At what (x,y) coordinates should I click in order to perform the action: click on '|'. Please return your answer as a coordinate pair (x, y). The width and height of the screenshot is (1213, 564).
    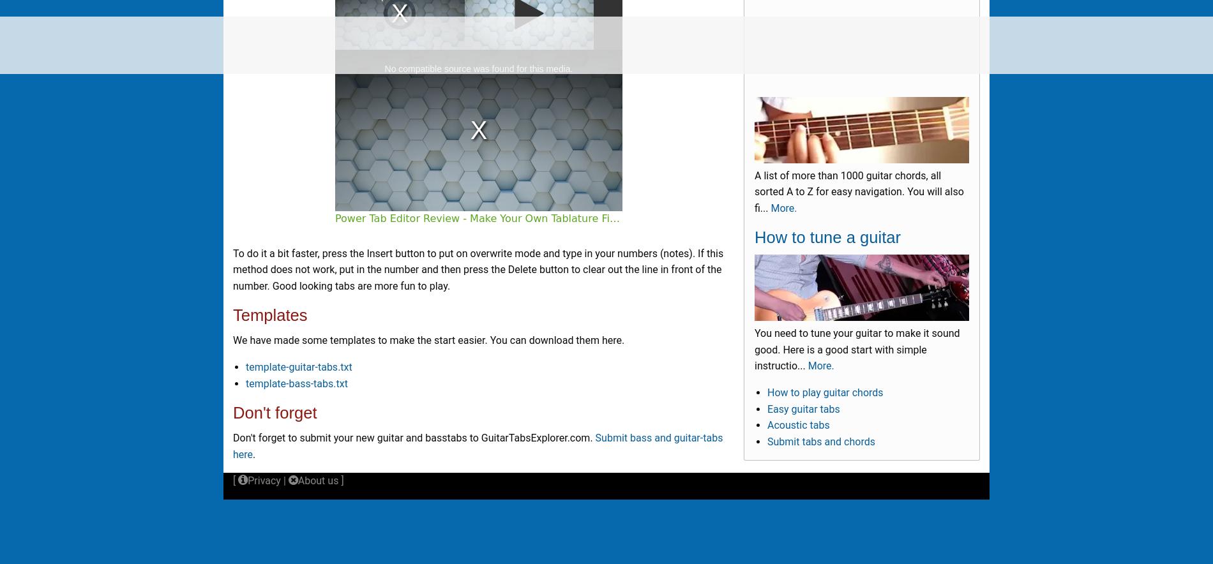
    Looking at the image, I should click on (283, 480).